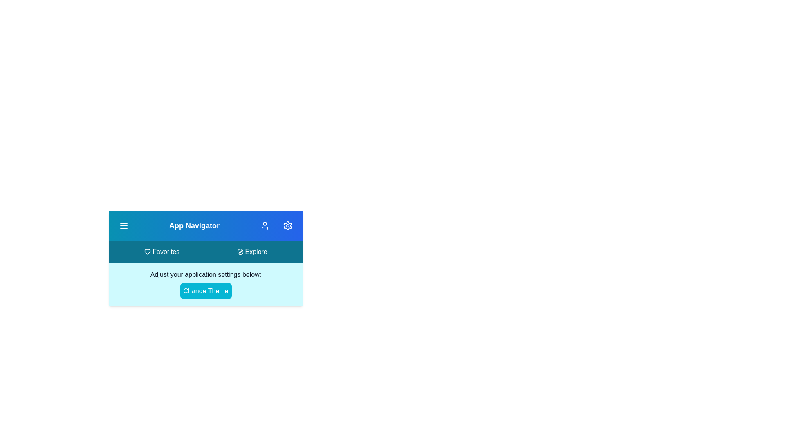 This screenshot has width=785, height=441. I want to click on the static text that states 'Adjust your application settings below:' which is displayed in black font on a cyan background, positioned above the 'Change Theme' button, so click(206, 274).